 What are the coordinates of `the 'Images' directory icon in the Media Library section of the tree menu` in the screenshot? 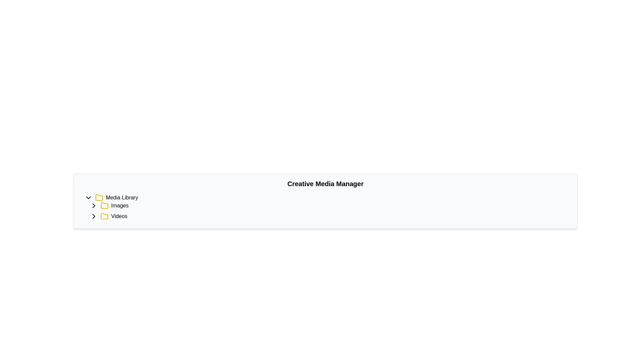 It's located at (104, 205).